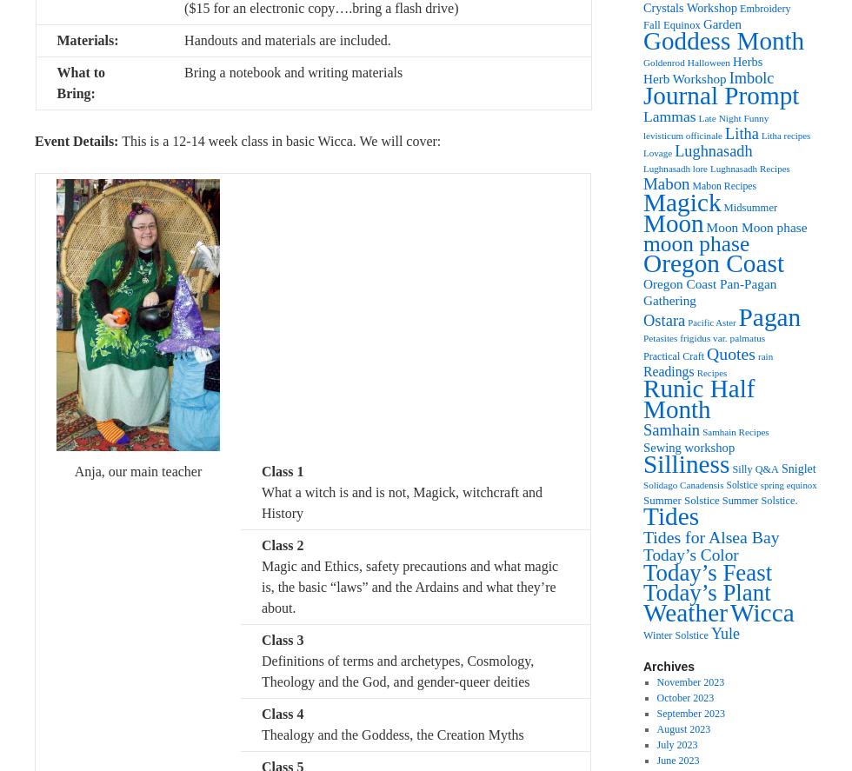 The width and height of the screenshot is (852, 771). Describe the element at coordinates (698, 398) in the screenshot. I see `'Runic Half Month'` at that location.